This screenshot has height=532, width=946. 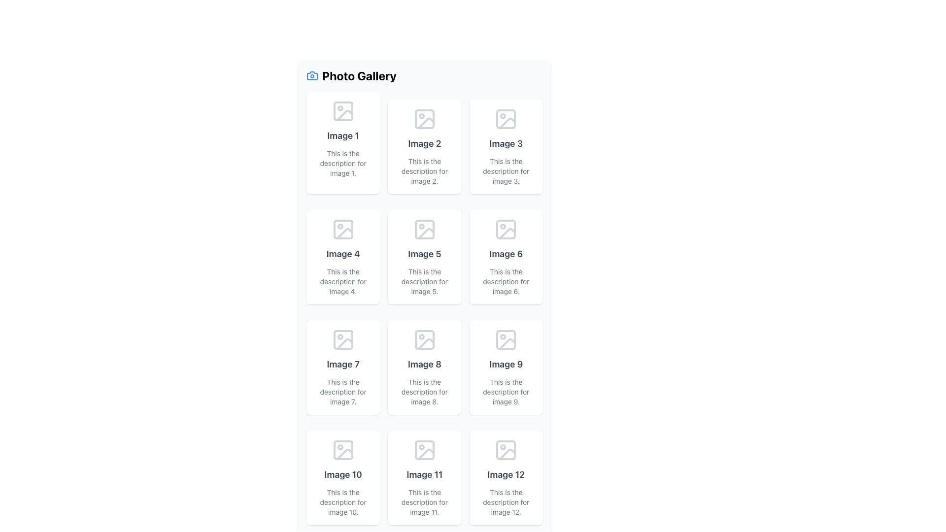 What do you see at coordinates (425, 502) in the screenshot?
I see `the informational Text Label located beneath 'Image 11' that describes the associated image` at bounding box center [425, 502].